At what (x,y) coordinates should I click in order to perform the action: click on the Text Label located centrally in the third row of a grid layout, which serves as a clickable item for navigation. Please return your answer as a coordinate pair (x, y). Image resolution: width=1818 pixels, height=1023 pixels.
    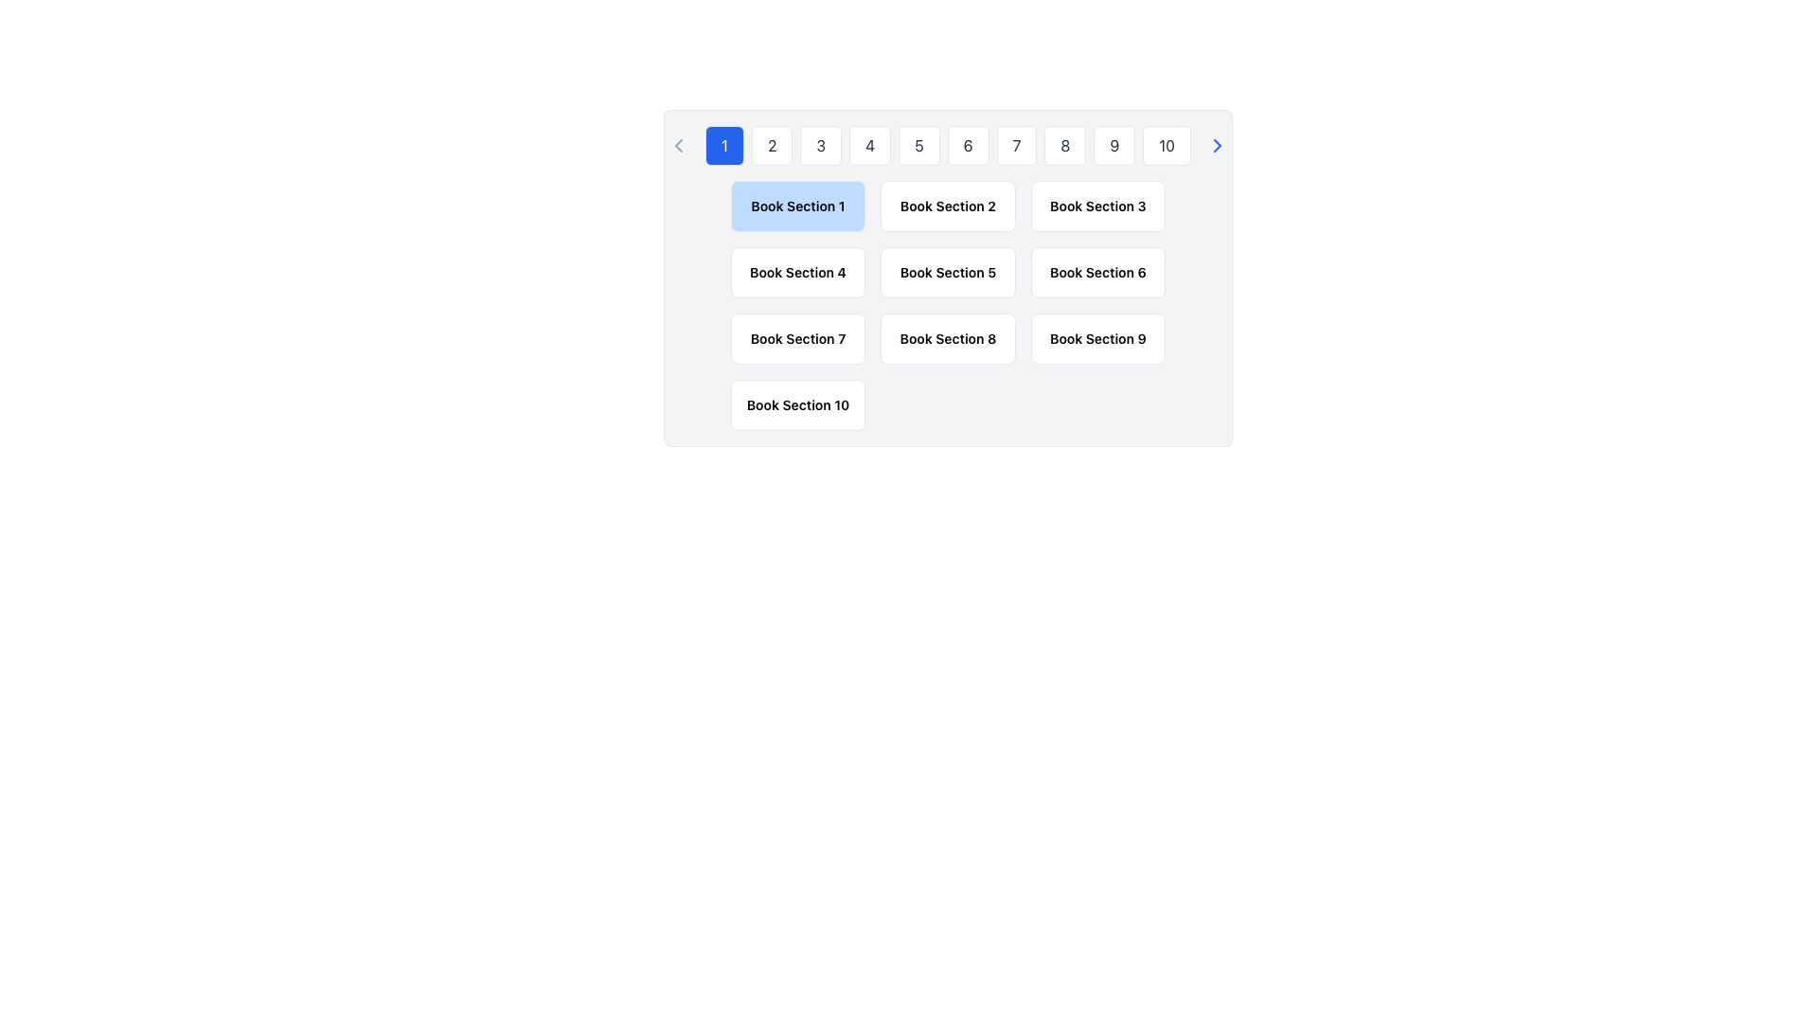
    Looking at the image, I should click on (1097, 273).